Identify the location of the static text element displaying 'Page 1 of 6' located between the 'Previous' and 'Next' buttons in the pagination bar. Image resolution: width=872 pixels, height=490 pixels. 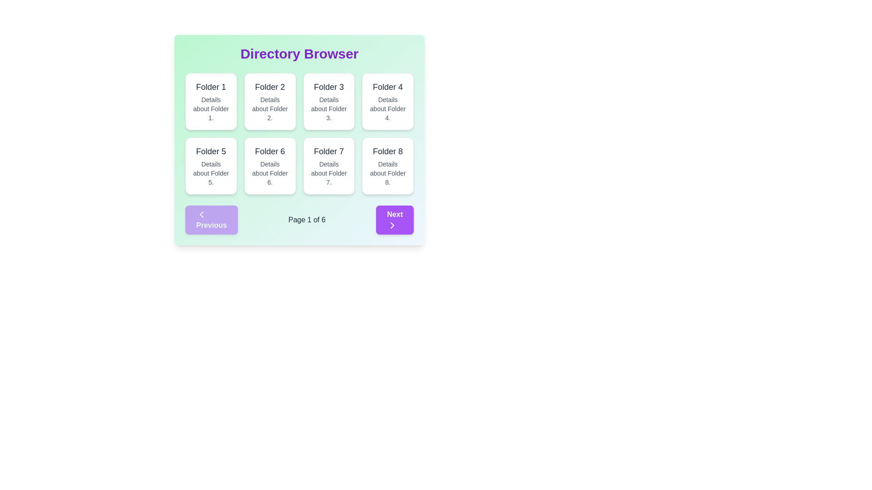
(307, 220).